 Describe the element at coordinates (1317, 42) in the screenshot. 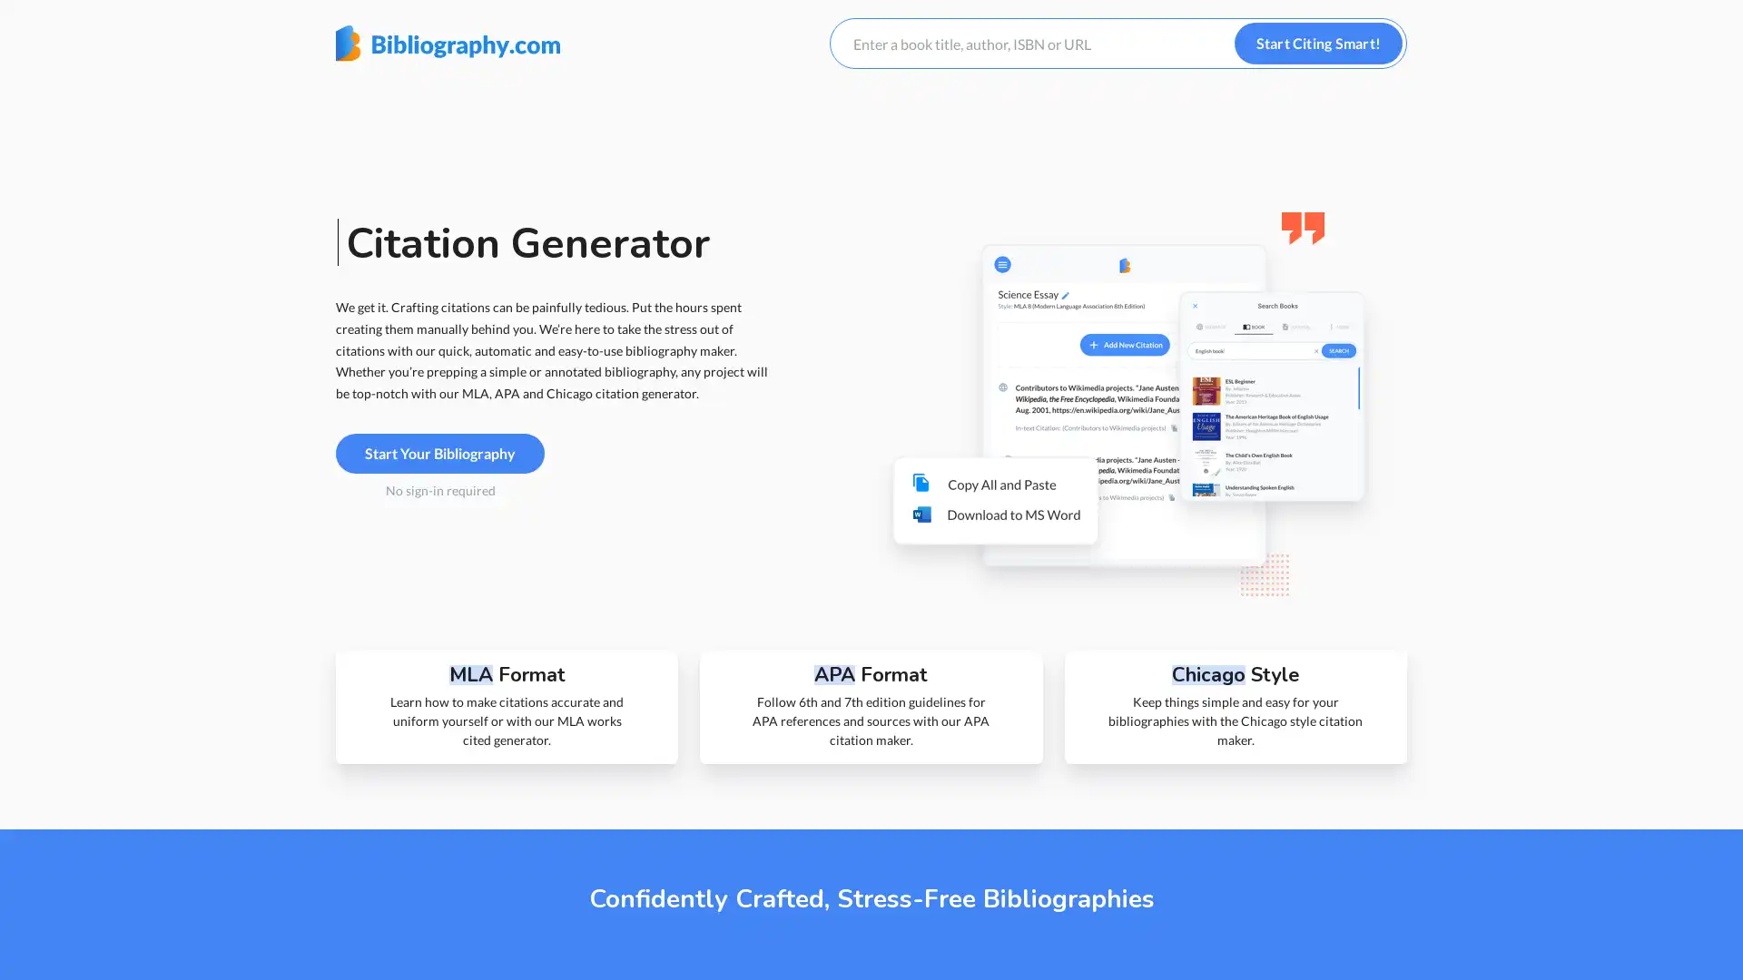

I see `Start Citing Smart!` at that location.